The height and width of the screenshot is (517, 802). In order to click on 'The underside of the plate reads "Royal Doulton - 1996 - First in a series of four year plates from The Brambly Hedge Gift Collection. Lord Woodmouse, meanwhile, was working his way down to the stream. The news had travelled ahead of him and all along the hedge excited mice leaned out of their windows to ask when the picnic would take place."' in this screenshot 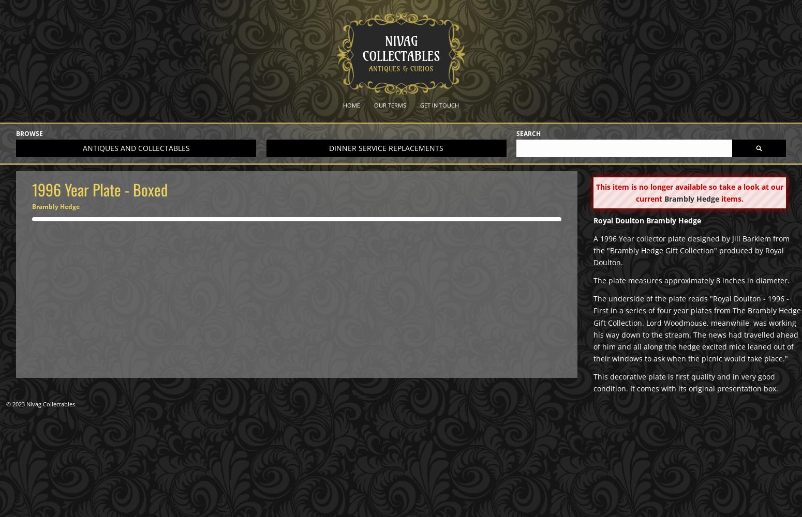, I will do `click(697, 328)`.